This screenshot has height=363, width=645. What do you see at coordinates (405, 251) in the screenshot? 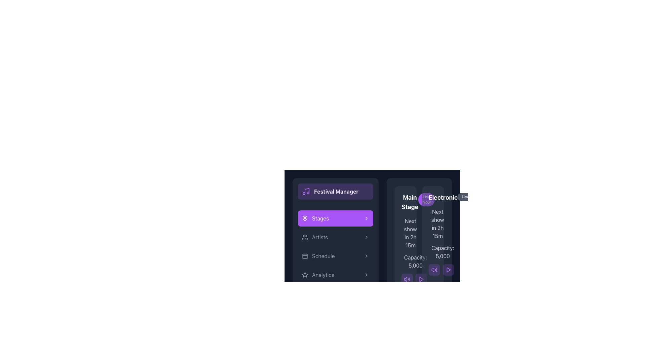
I see `the buttons located near the textual information display that shows 'Next show in 2h 15m' and 'Capacity: 5,000' within the 'Main Stage' card` at bounding box center [405, 251].